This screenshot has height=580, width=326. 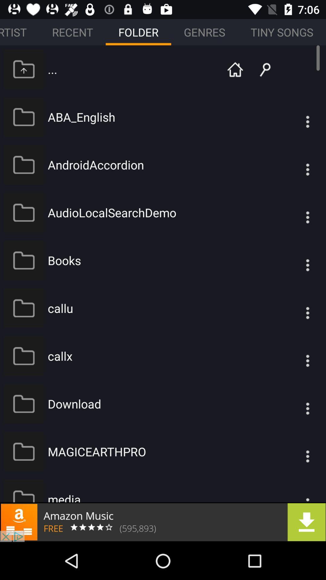 I want to click on search, so click(x=260, y=69).